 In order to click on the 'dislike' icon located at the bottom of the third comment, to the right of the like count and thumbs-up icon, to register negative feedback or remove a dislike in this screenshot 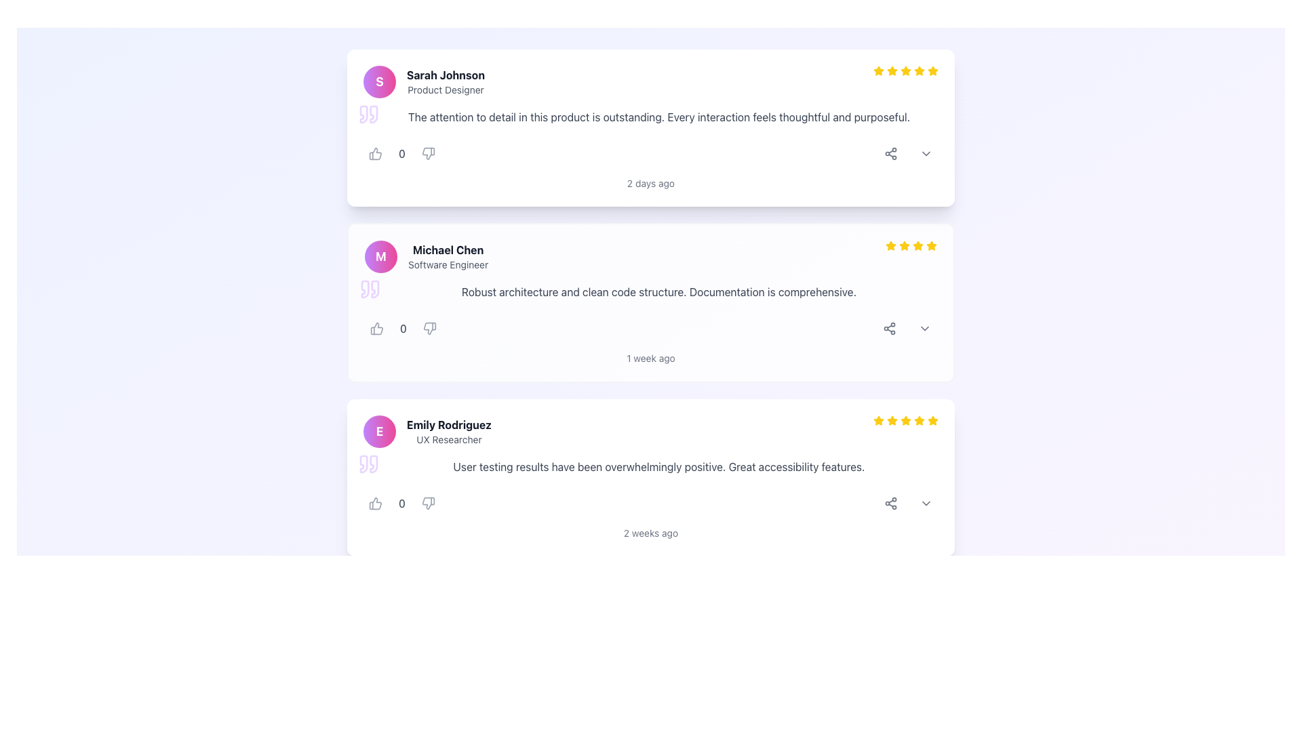, I will do `click(428, 504)`.